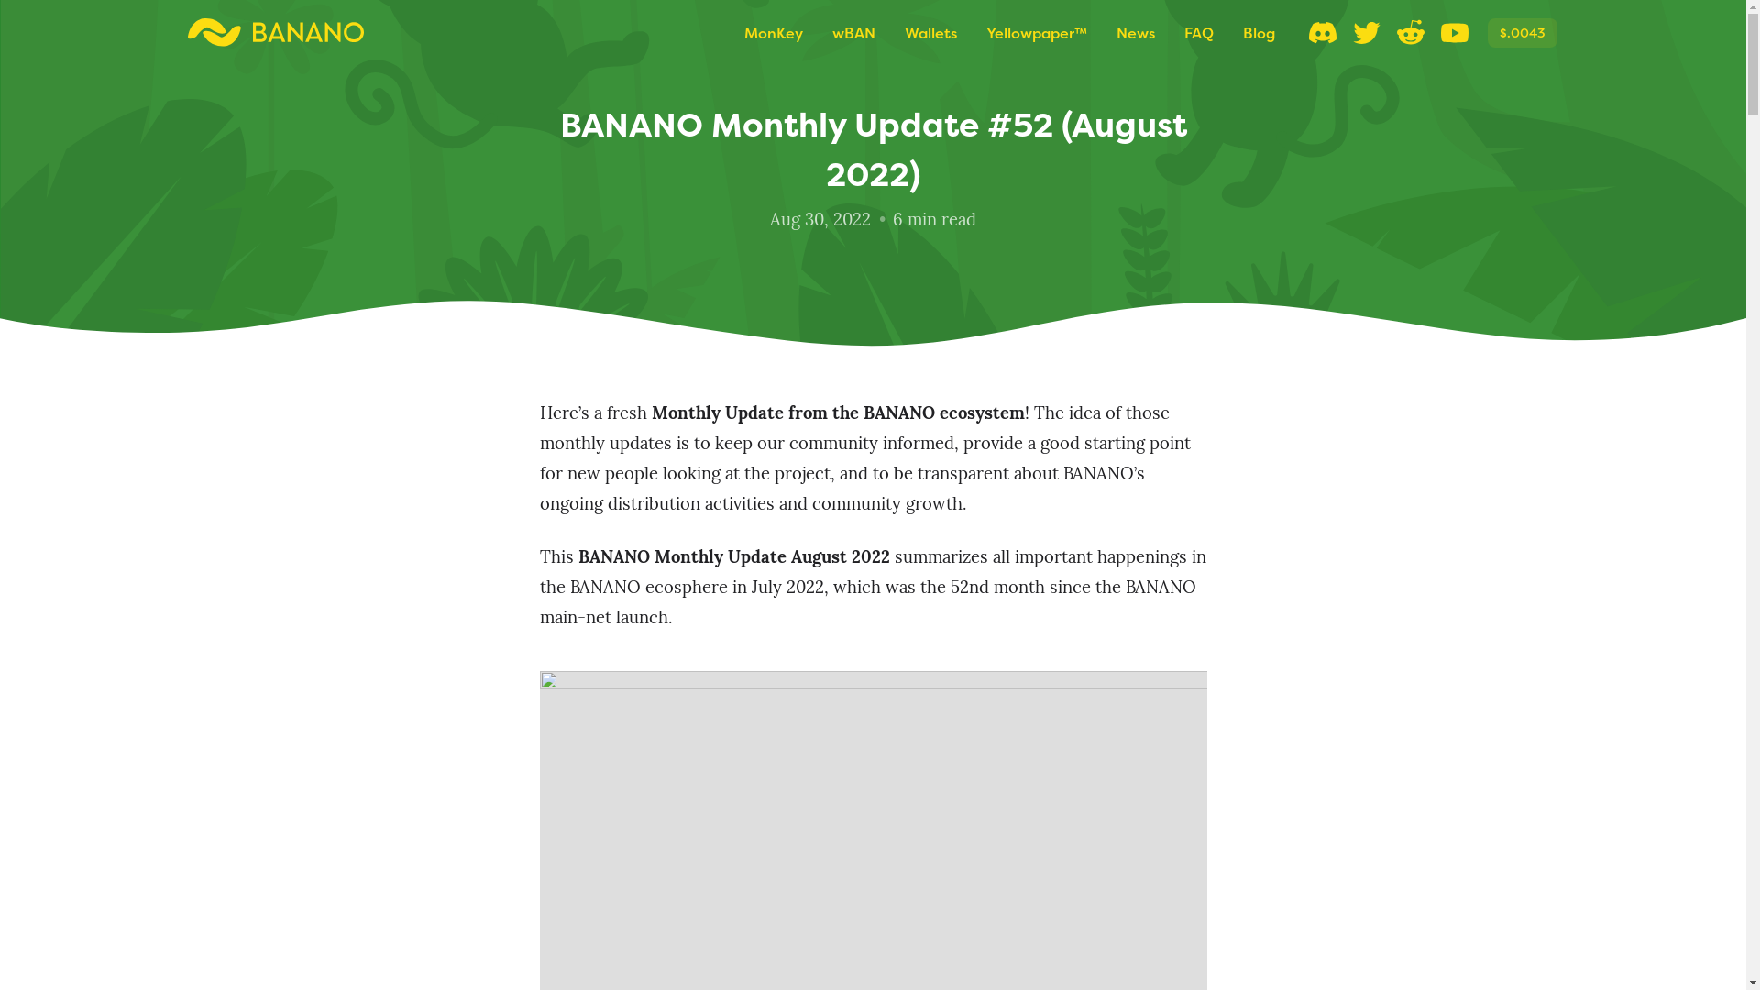 This screenshot has height=990, width=1760. Describe the element at coordinates (1258, 33) in the screenshot. I see `'Blog'` at that location.